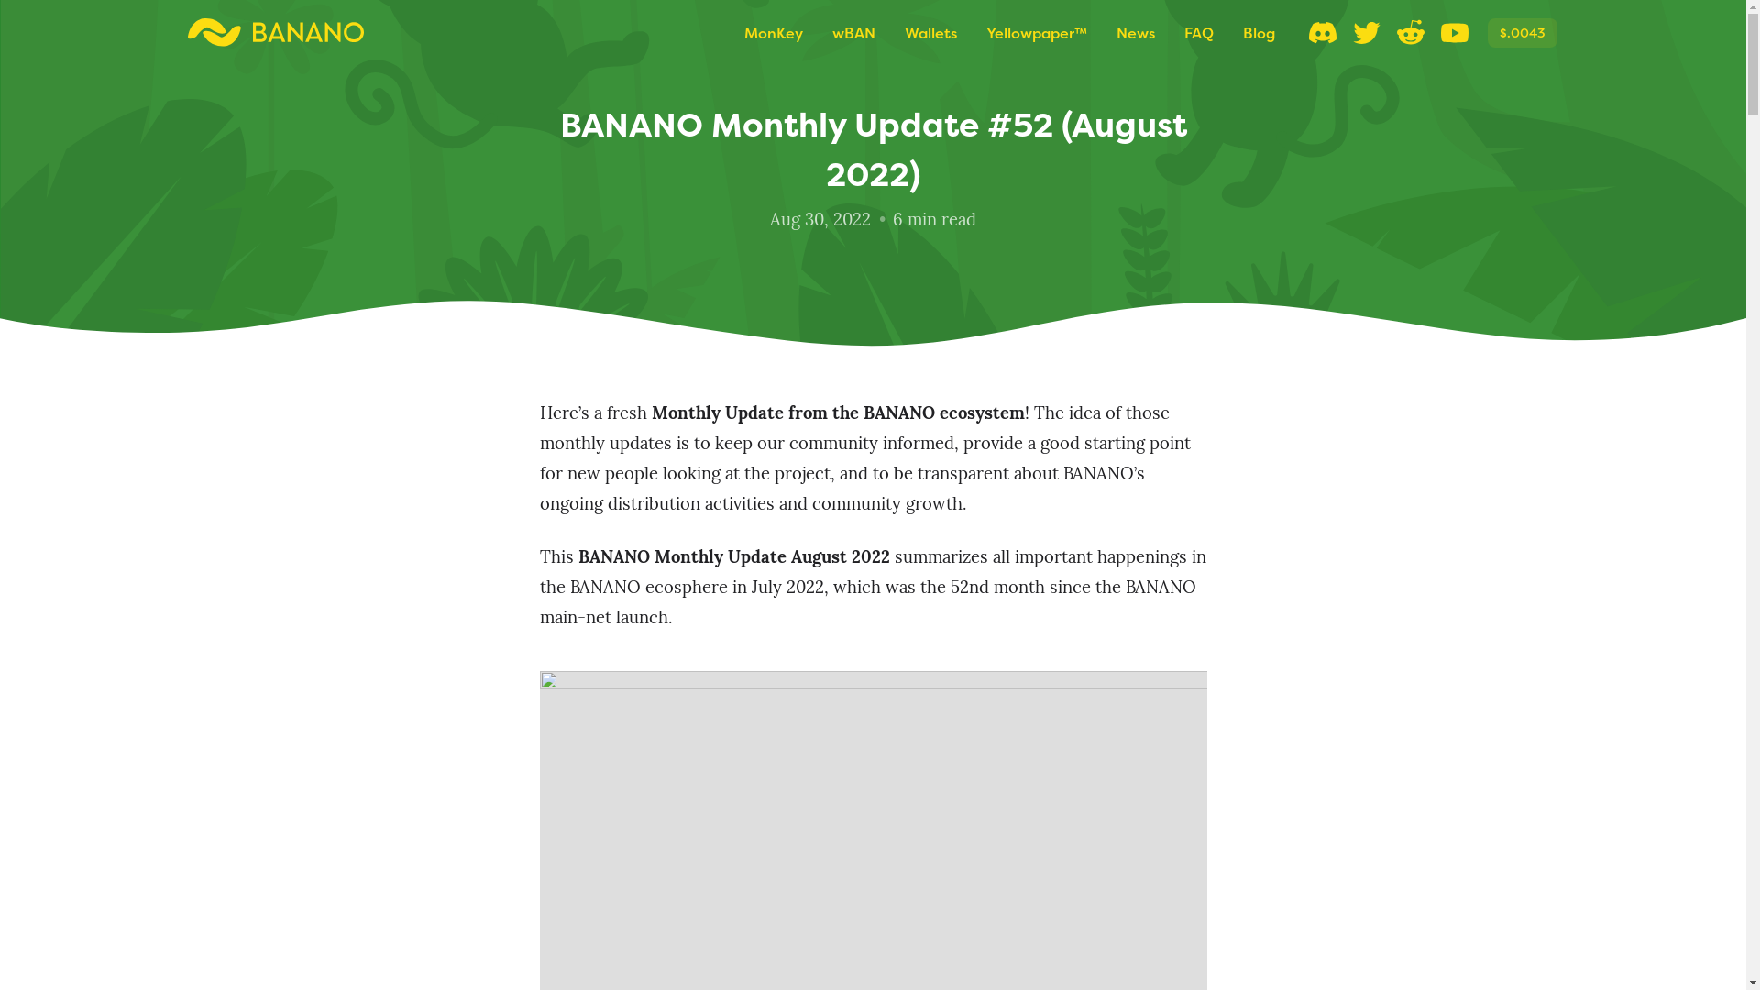 This screenshot has height=990, width=1760. Describe the element at coordinates (1258, 33) in the screenshot. I see `'Blog'` at that location.